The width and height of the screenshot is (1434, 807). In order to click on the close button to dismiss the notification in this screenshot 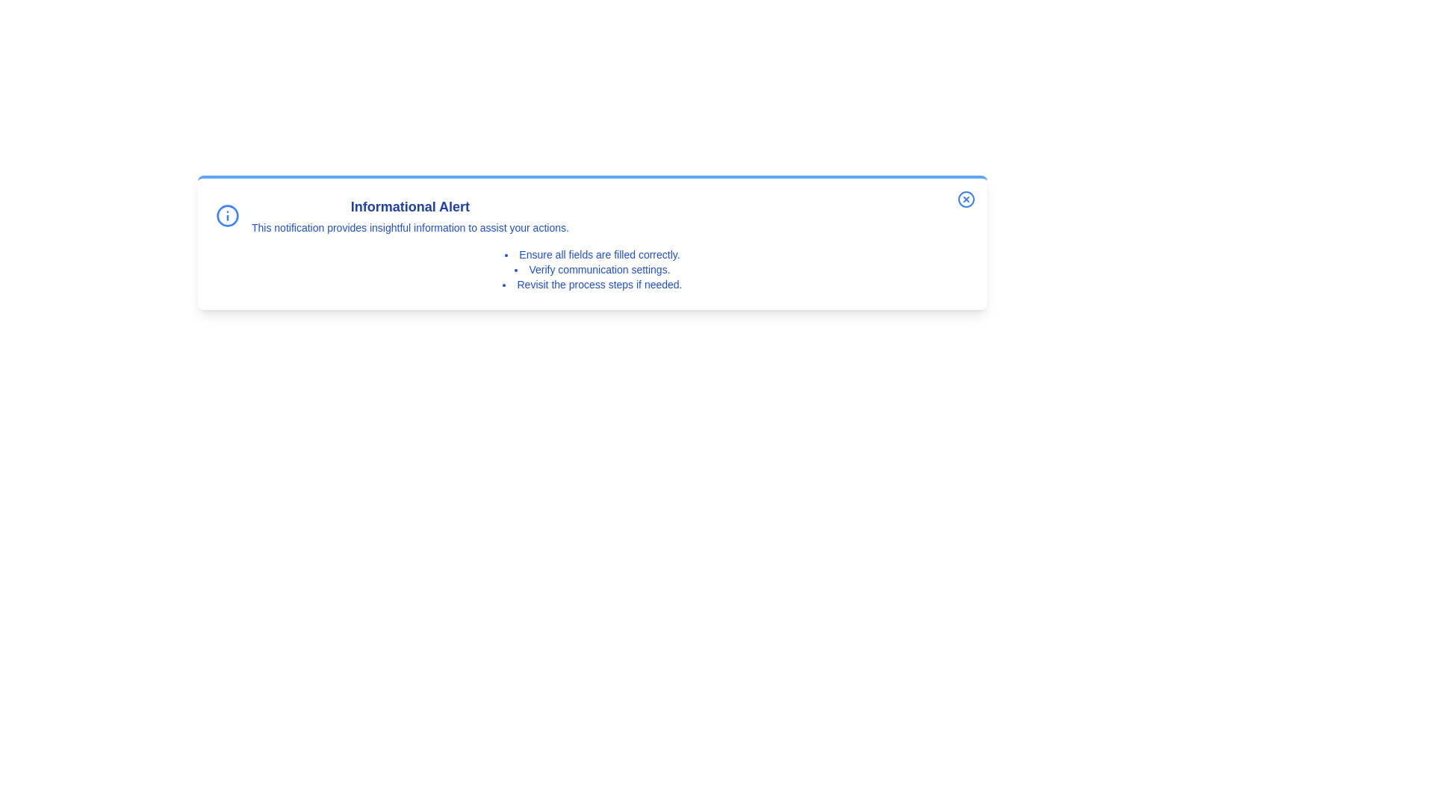, I will do `click(966, 198)`.